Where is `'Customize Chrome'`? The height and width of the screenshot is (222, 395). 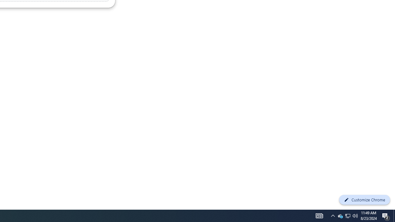
'Customize Chrome' is located at coordinates (364, 200).